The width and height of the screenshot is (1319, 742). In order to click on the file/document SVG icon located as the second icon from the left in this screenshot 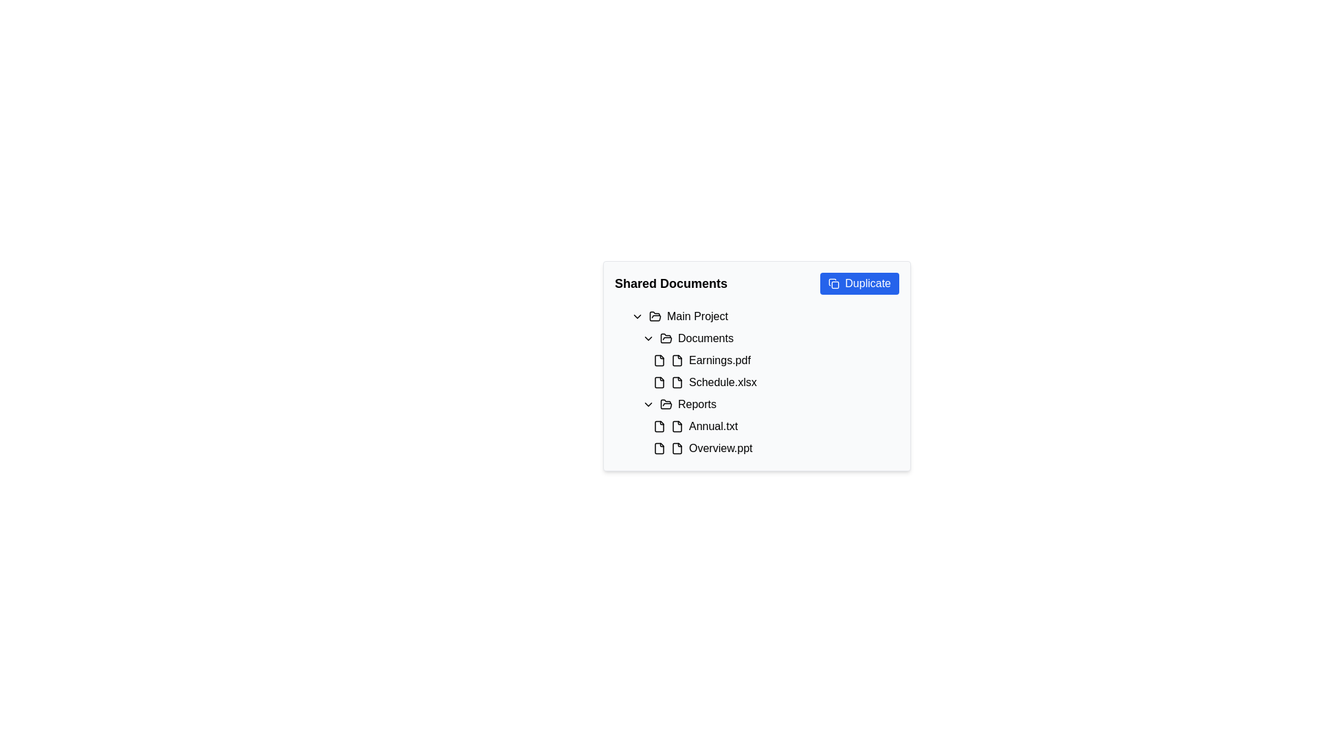, I will do `click(677, 382)`.